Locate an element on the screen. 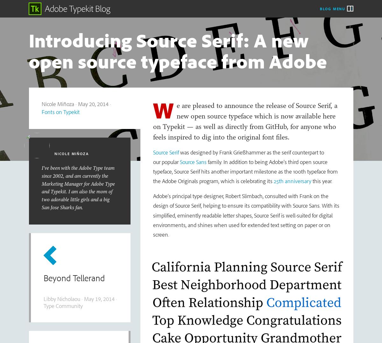 The height and width of the screenshot is (343, 382). 'Beyond Tellerand' is located at coordinates (73, 278).